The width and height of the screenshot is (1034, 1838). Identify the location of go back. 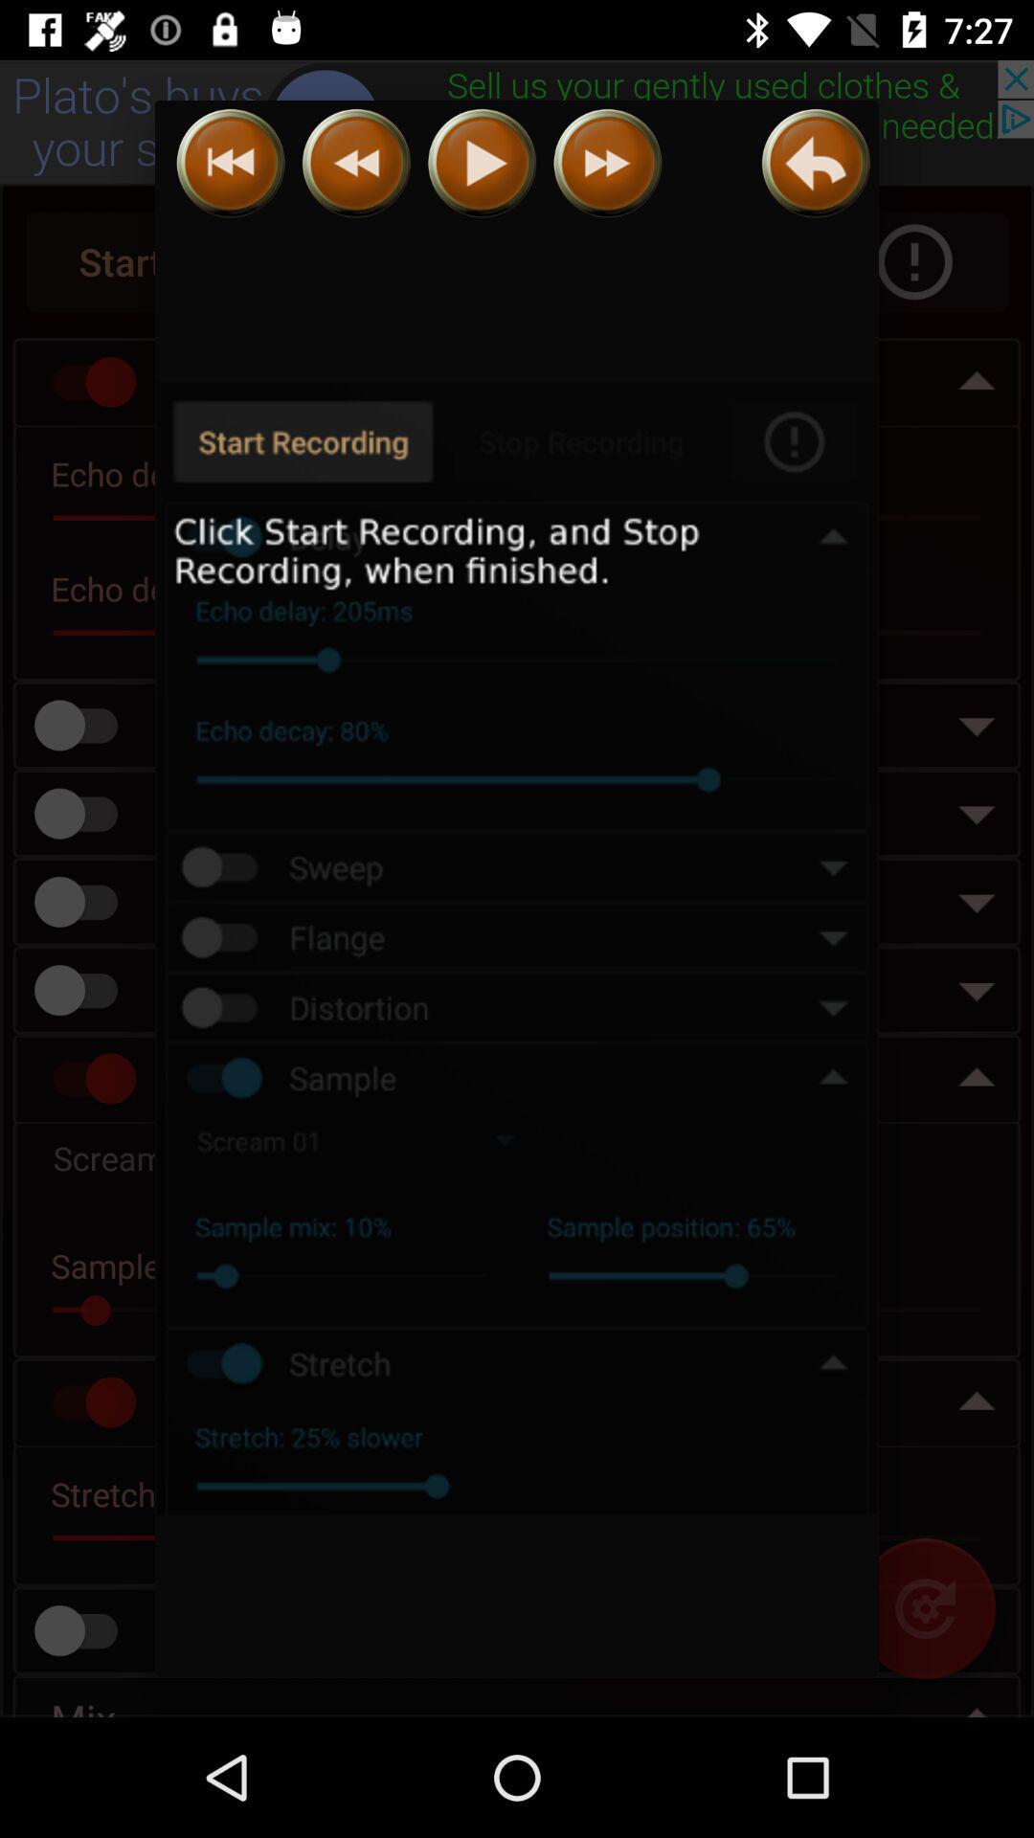
(356, 163).